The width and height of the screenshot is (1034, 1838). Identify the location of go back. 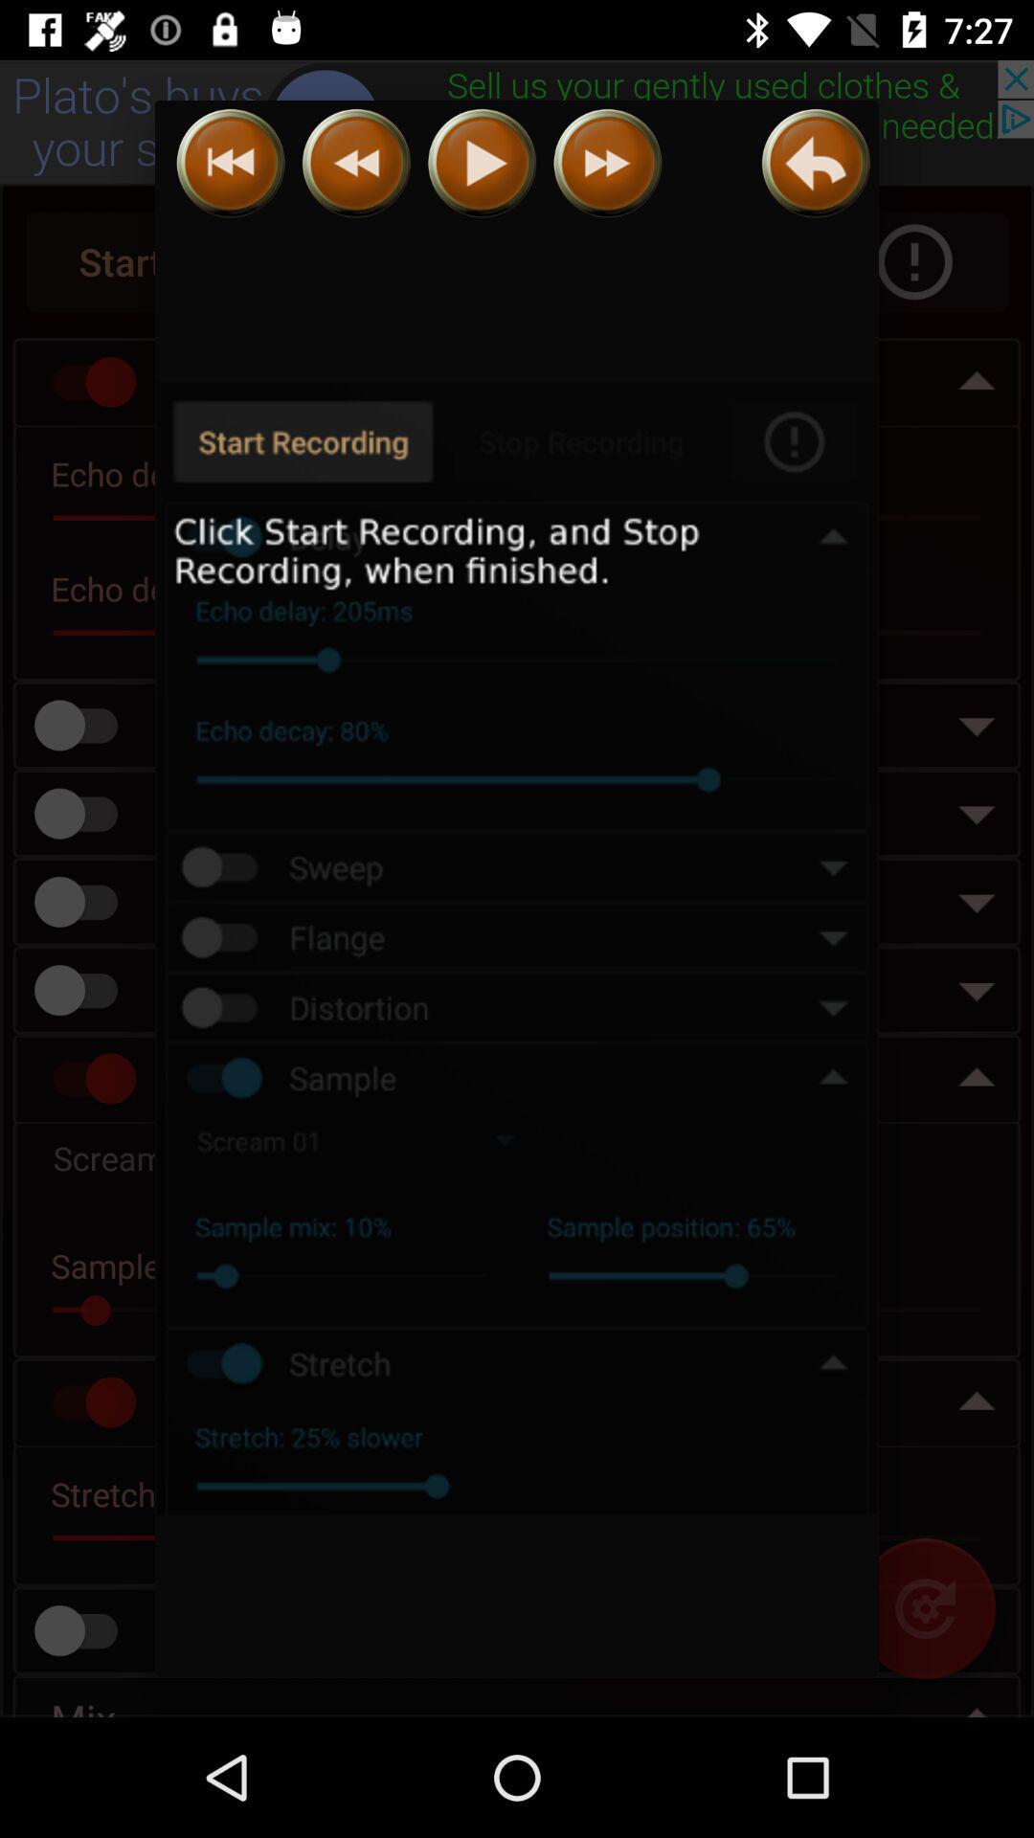
(356, 163).